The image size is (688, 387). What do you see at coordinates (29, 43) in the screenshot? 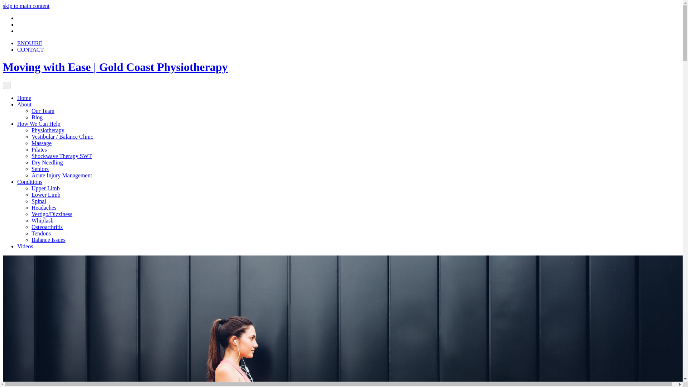
I see `'ENQUIRE'` at bounding box center [29, 43].